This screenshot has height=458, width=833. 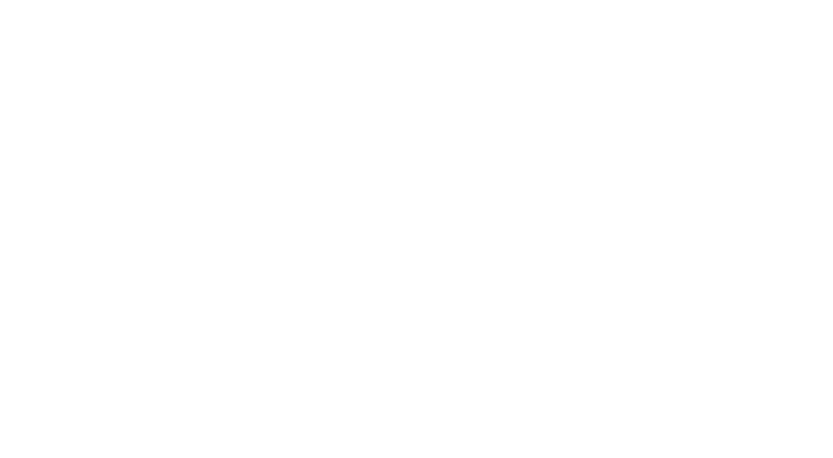 What do you see at coordinates (384, 150) in the screenshot?
I see `'Videos:'` at bounding box center [384, 150].